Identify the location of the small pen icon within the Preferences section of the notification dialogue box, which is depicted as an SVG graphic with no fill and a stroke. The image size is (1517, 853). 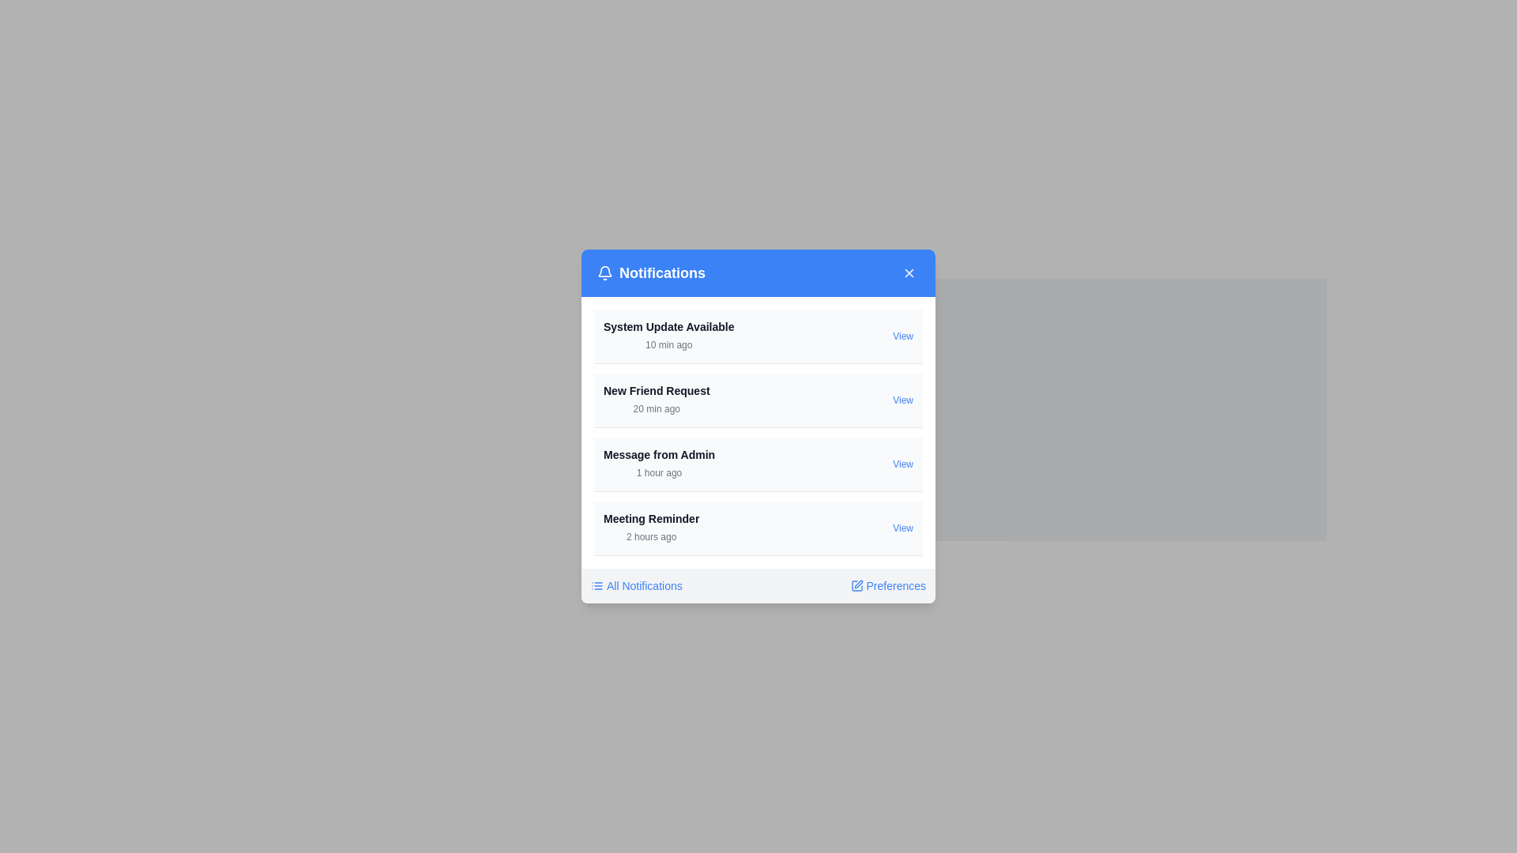
(857, 584).